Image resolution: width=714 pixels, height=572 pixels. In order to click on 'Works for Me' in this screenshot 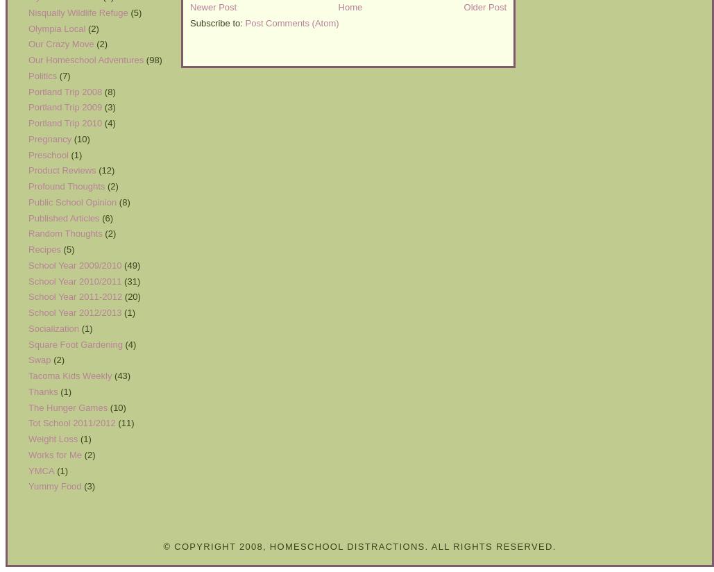, I will do `click(54, 454)`.